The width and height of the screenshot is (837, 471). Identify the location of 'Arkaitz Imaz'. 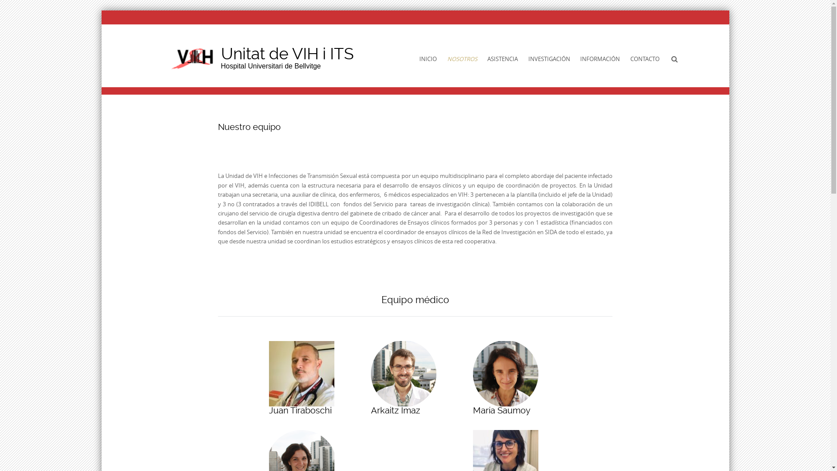
(403, 373).